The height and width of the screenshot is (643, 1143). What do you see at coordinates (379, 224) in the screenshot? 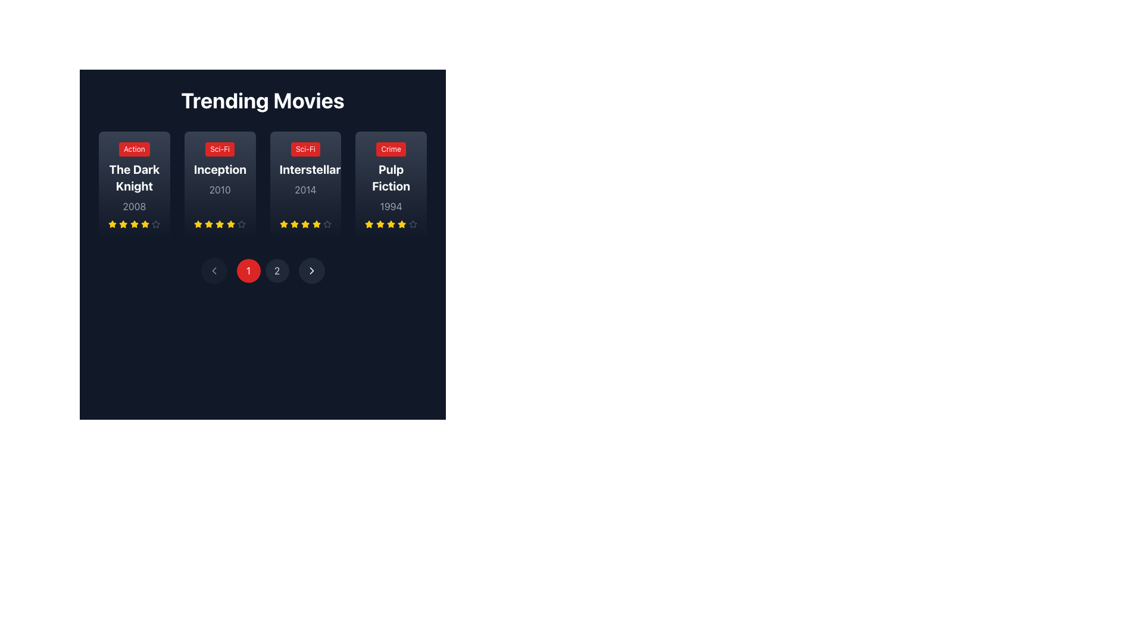
I see `the yellow star icon in the rating row for the movie 'Pulp Fiction' to rate it` at bounding box center [379, 224].